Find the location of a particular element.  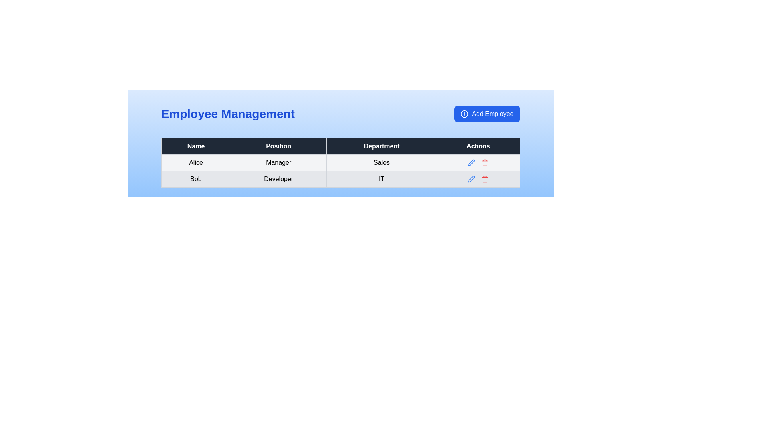

the blue pen icon button located in the 'Actions' column of the second row under user 'Bob' is located at coordinates (471, 162).